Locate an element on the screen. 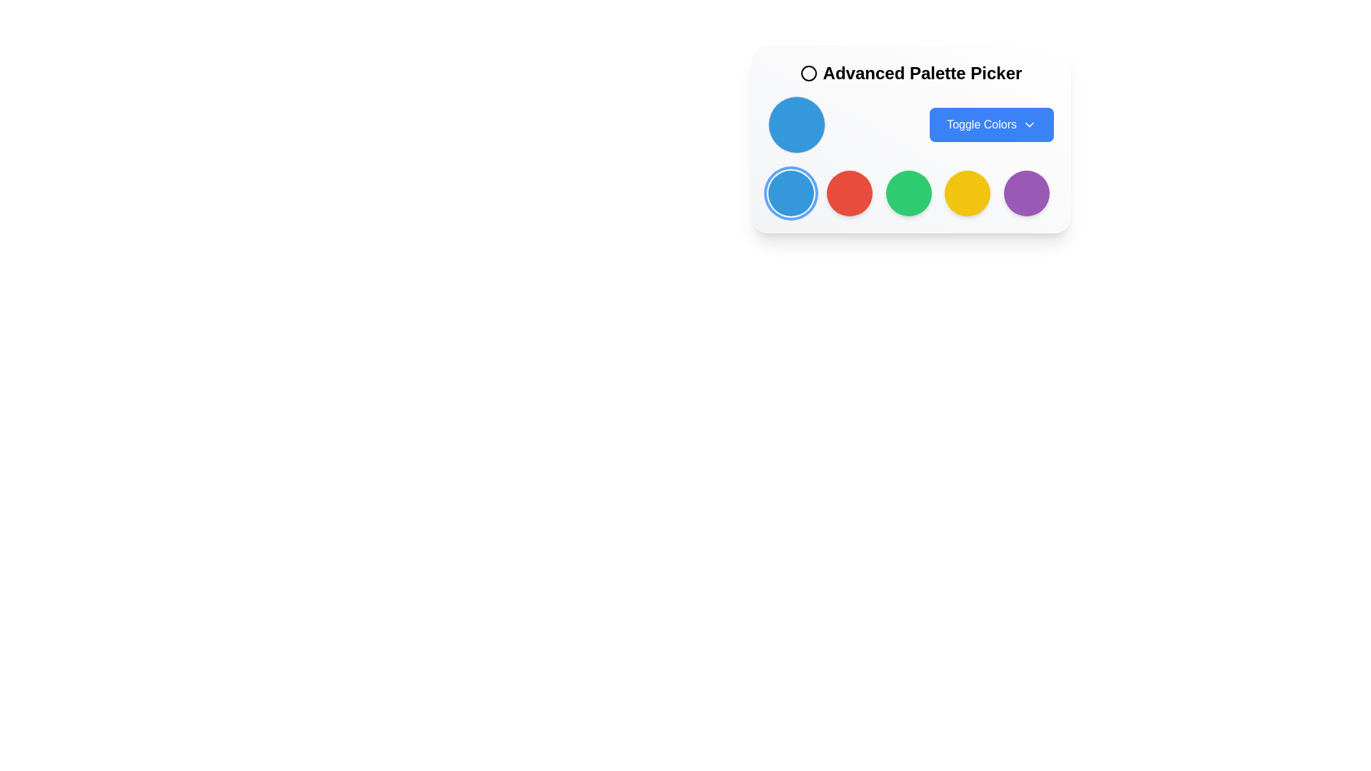 Image resolution: width=1371 pixels, height=771 pixels. the first circular button in the Advanced Palette Picker is located at coordinates (790, 193).